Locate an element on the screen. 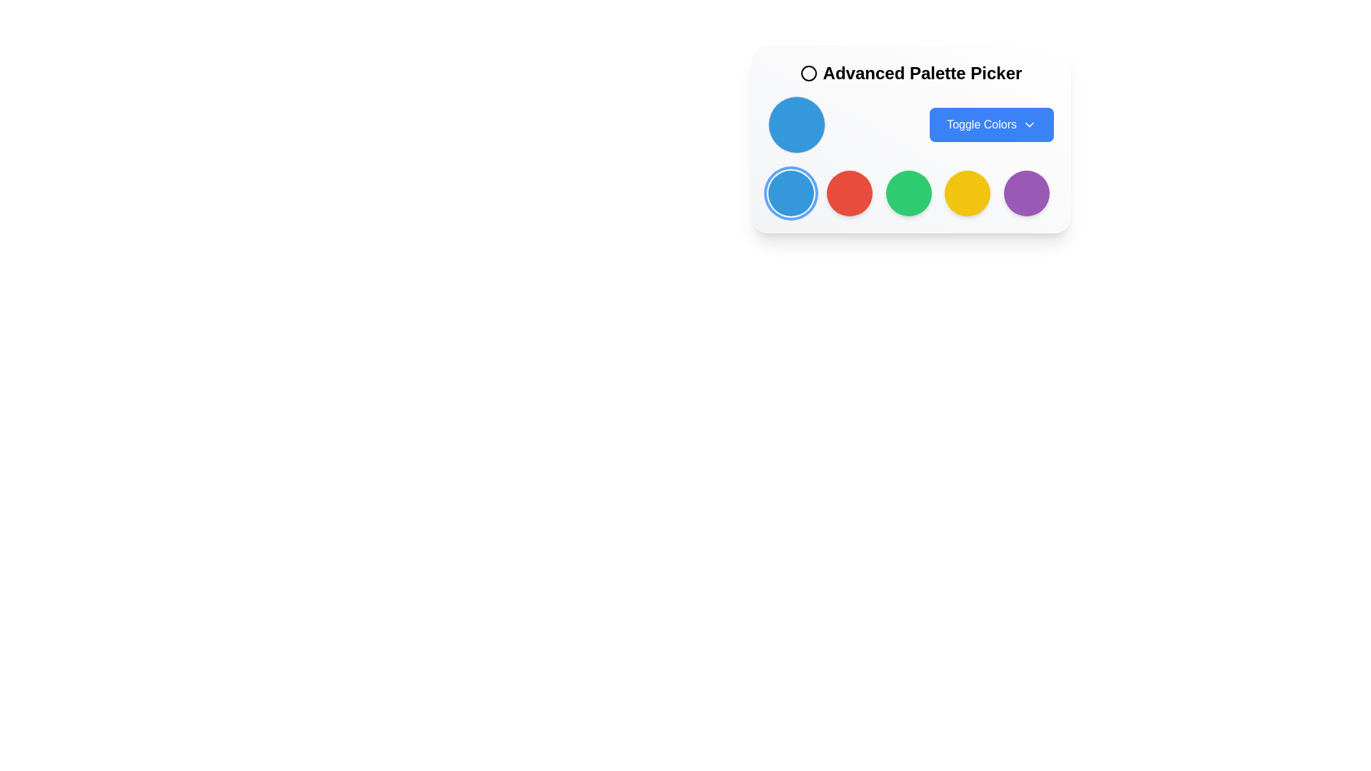 Image resolution: width=1371 pixels, height=771 pixels. the first circular button in the Advanced Palette Picker is located at coordinates (790, 193).